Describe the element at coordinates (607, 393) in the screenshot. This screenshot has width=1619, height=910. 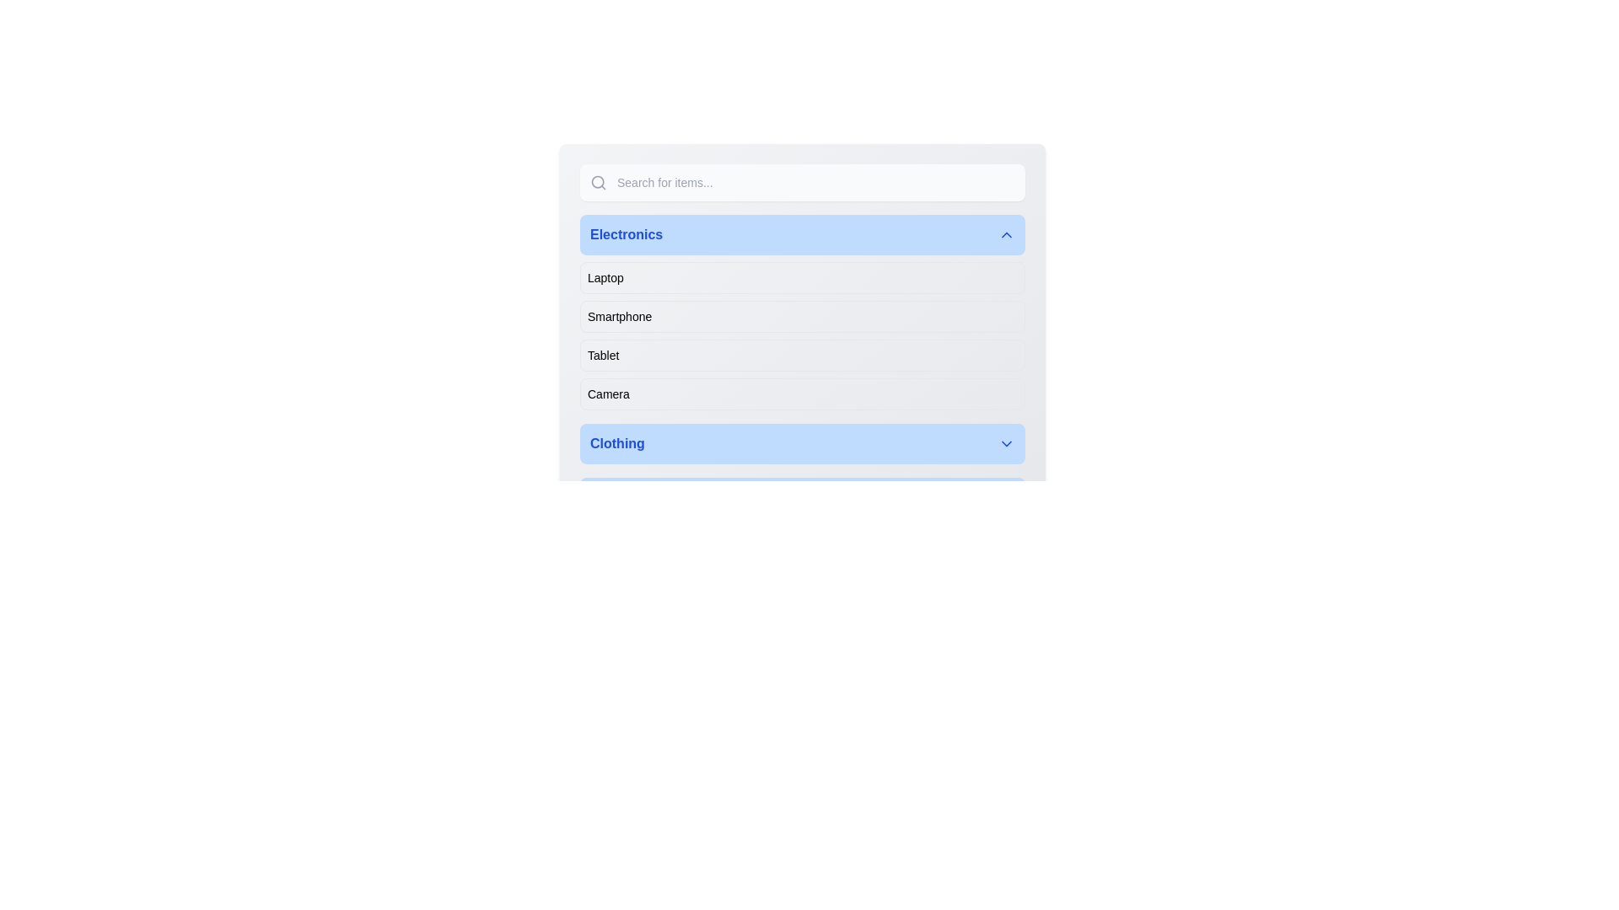
I see `the 'Camera' text label located in the fourth position under the 'Electronics' section of the sidebar navigation` at that location.